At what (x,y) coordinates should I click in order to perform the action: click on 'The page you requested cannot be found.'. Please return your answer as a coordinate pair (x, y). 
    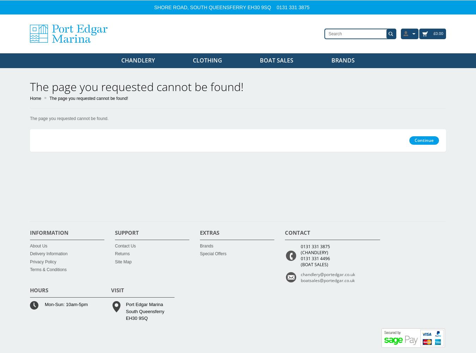
    Looking at the image, I should click on (69, 118).